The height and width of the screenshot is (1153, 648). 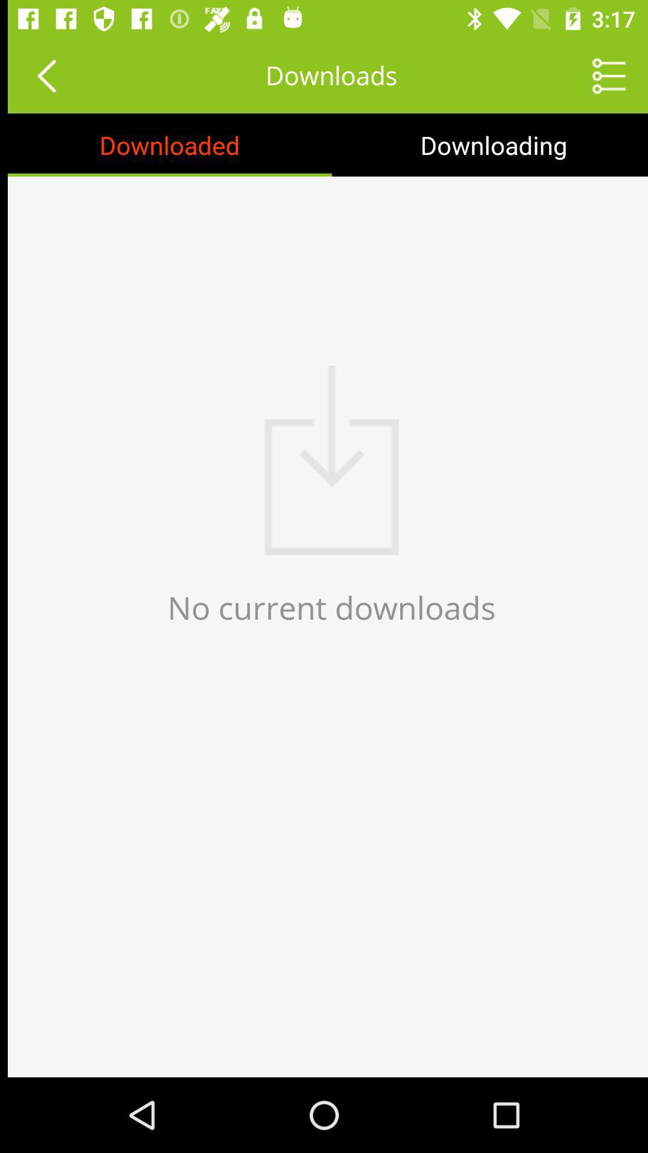 What do you see at coordinates (38, 74) in the screenshot?
I see `previous` at bounding box center [38, 74].